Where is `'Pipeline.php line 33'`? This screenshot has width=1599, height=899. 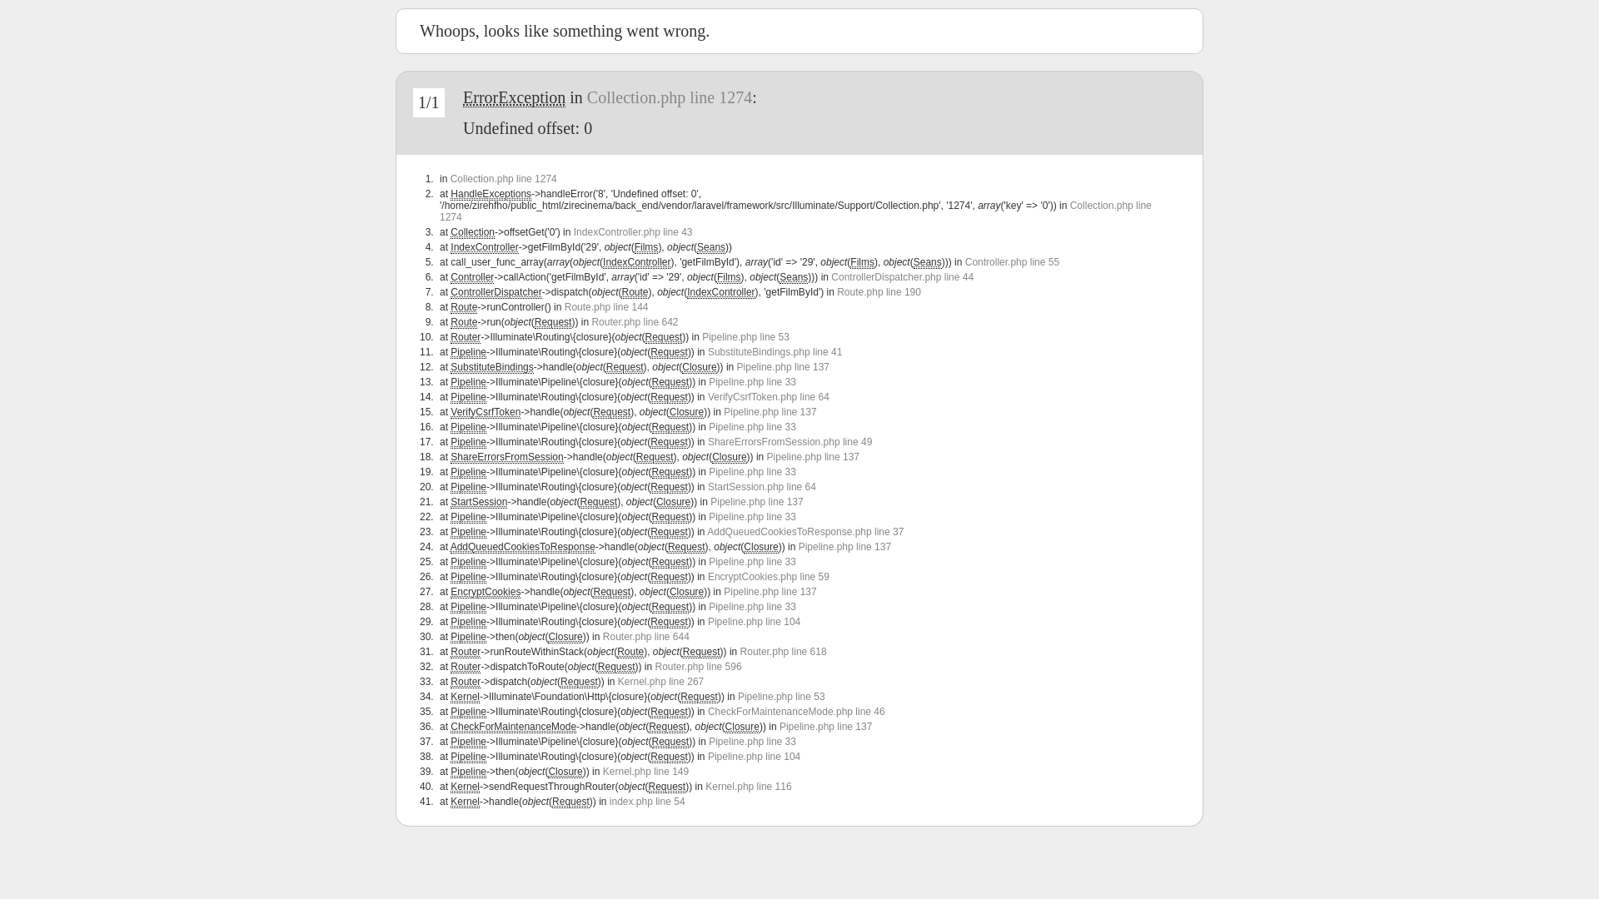 'Pipeline.php line 33' is located at coordinates (751, 426).